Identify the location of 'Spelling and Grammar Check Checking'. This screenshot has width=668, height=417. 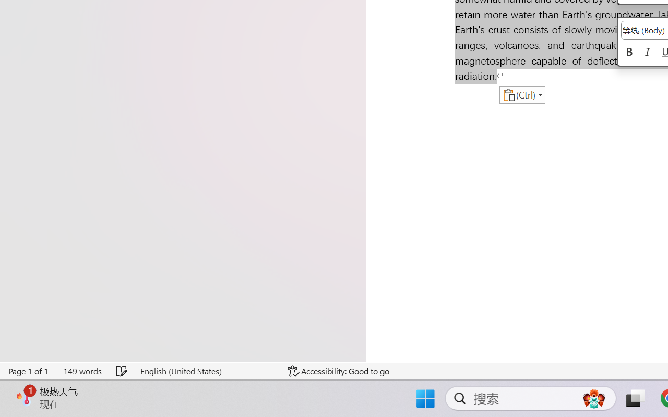
(122, 371).